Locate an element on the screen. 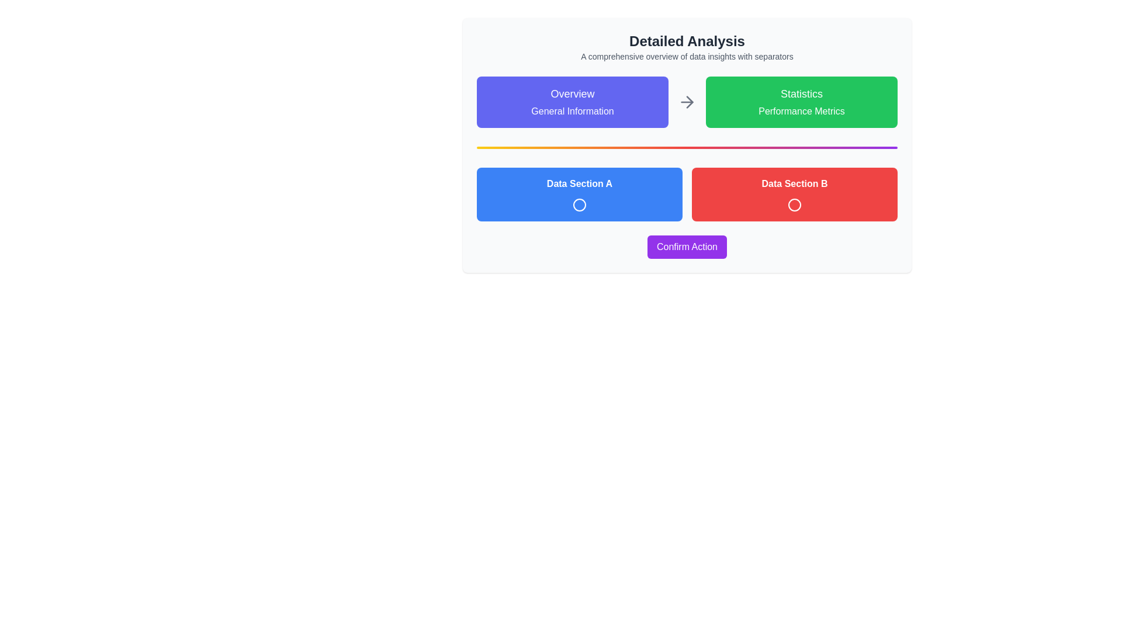  the circular icon with a white border located in the bottom-right of the 'Data Section B' button is located at coordinates (794, 204).